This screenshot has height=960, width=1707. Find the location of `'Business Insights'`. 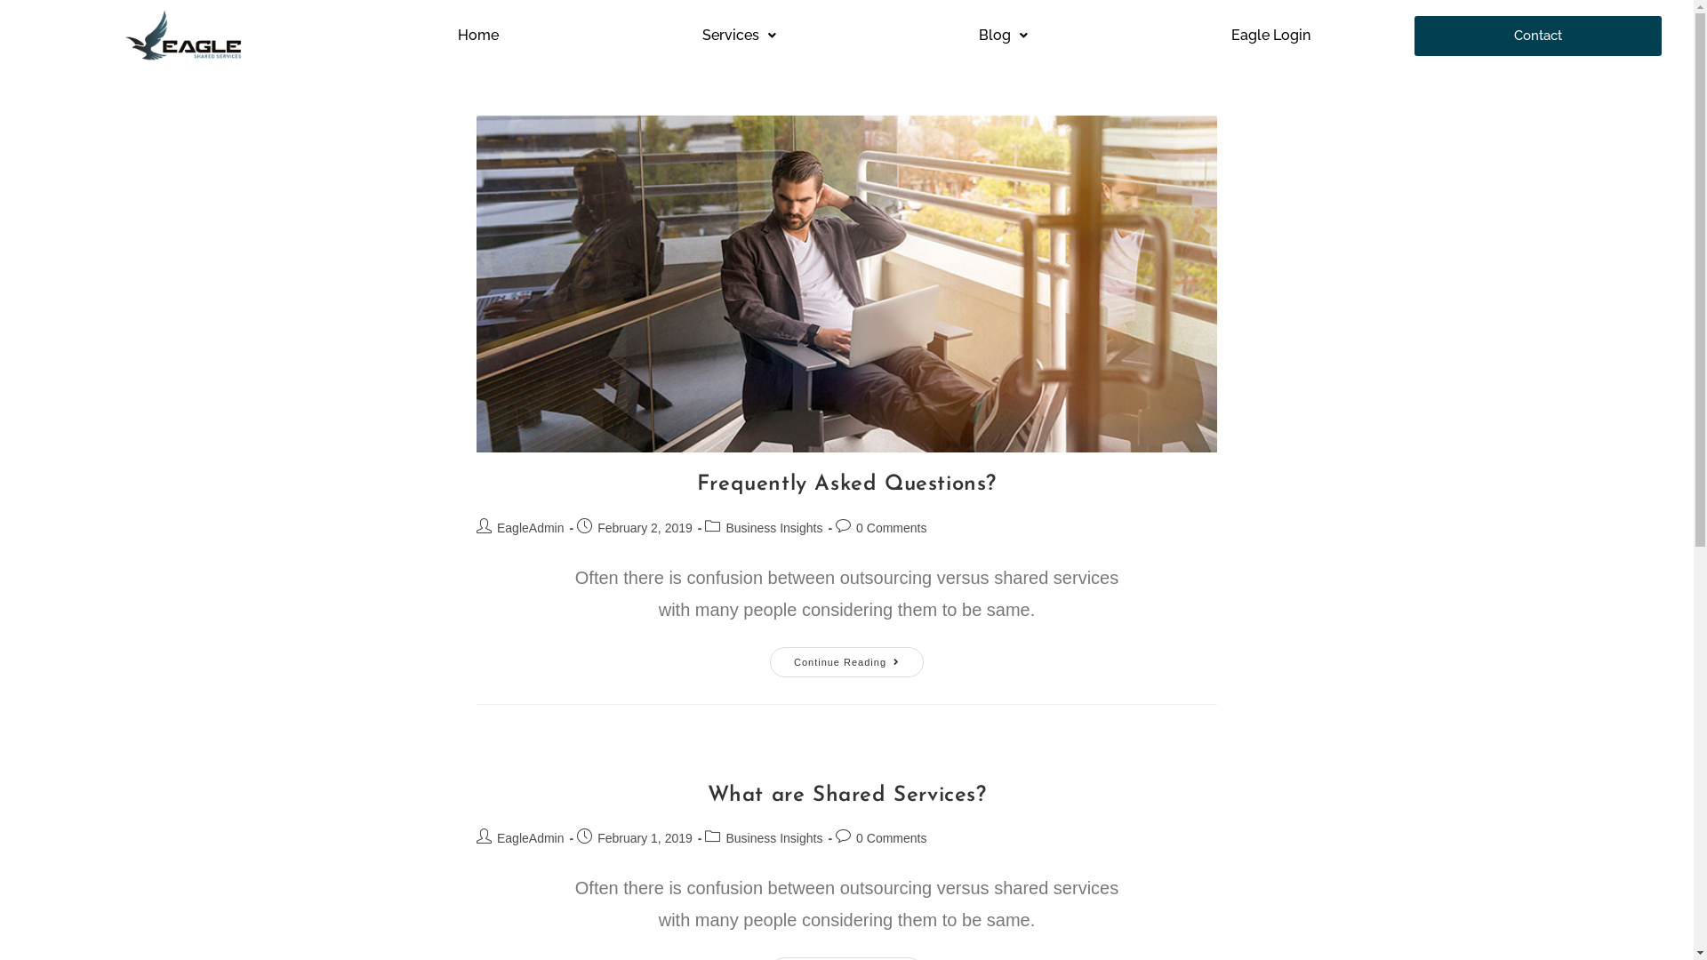

'Business Insights' is located at coordinates (773, 527).